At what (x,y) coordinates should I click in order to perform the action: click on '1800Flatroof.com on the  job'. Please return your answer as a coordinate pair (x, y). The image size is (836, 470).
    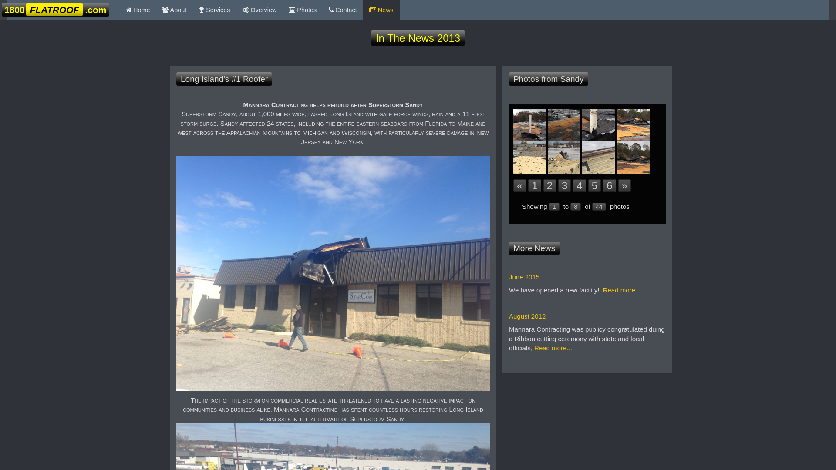
    Looking at the image, I should click on (633, 124).